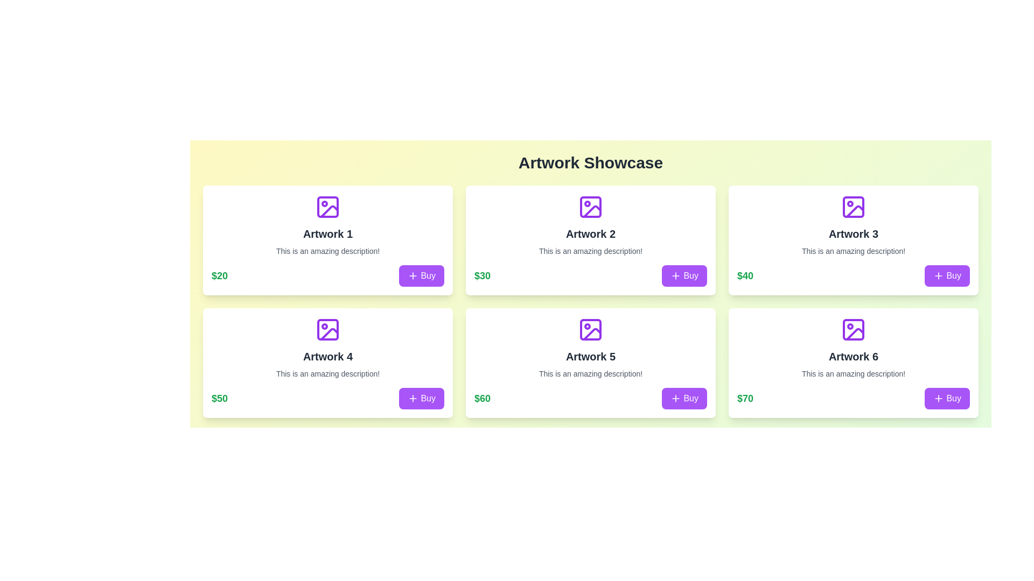 Image resolution: width=1034 pixels, height=581 pixels. What do you see at coordinates (327, 207) in the screenshot?
I see `the central purple icon resembling an image within the 'Artwork 1' card` at bounding box center [327, 207].